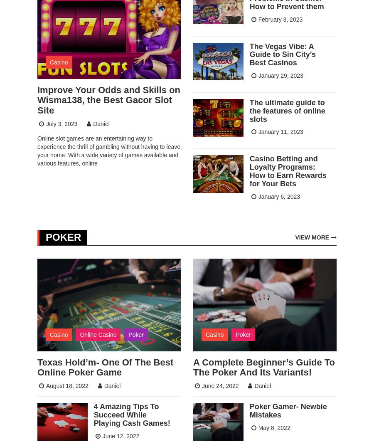  Describe the element at coordinates (108, 150) in the screenshot. I see `'Online slot games are an entertaining way to experience the thrill of gambling without having to leave your home. With a wide variety of games available and various features, online'` at that location.